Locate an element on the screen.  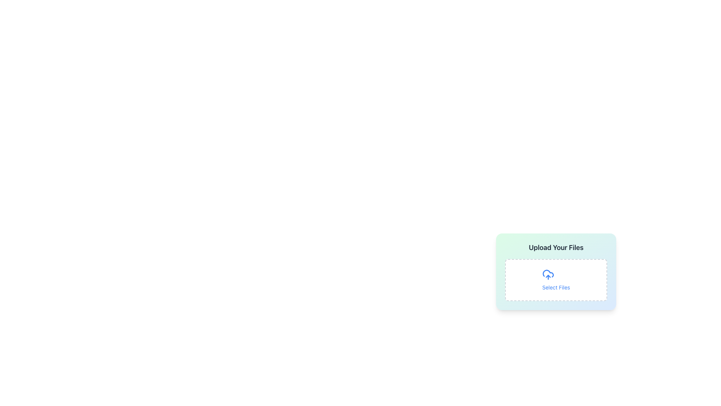
the blue cloud icon within the 'Upload Your Files' card, positioned above the 'Select Files' text is located at coordinates (548, 273).